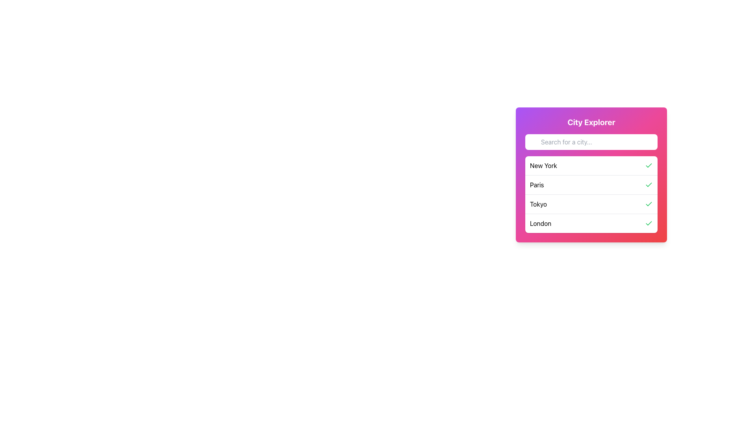  Describe the element at coordinates (591, 174) in the screenshot. I see `the city selector interface items` at that location.